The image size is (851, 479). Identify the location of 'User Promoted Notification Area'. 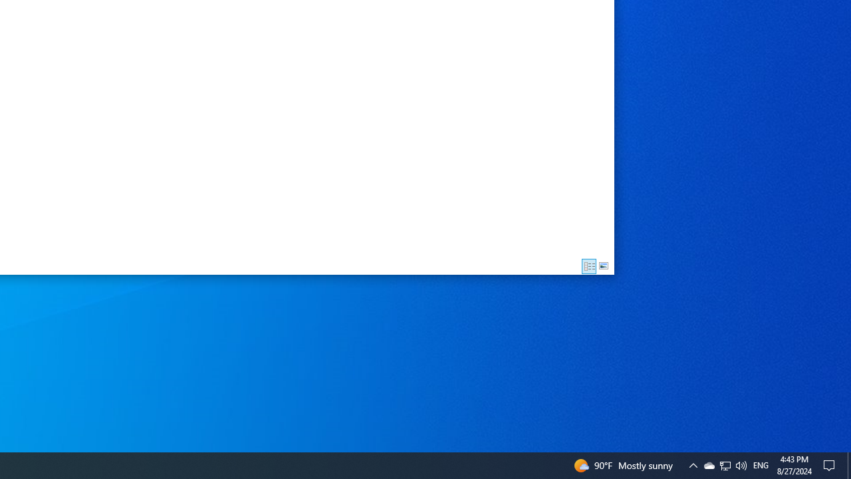
(724, 464).